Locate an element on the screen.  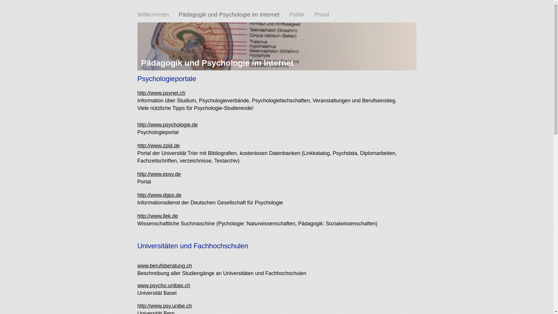
'http://www.dgps.de' is located at coordinates (137, 195).